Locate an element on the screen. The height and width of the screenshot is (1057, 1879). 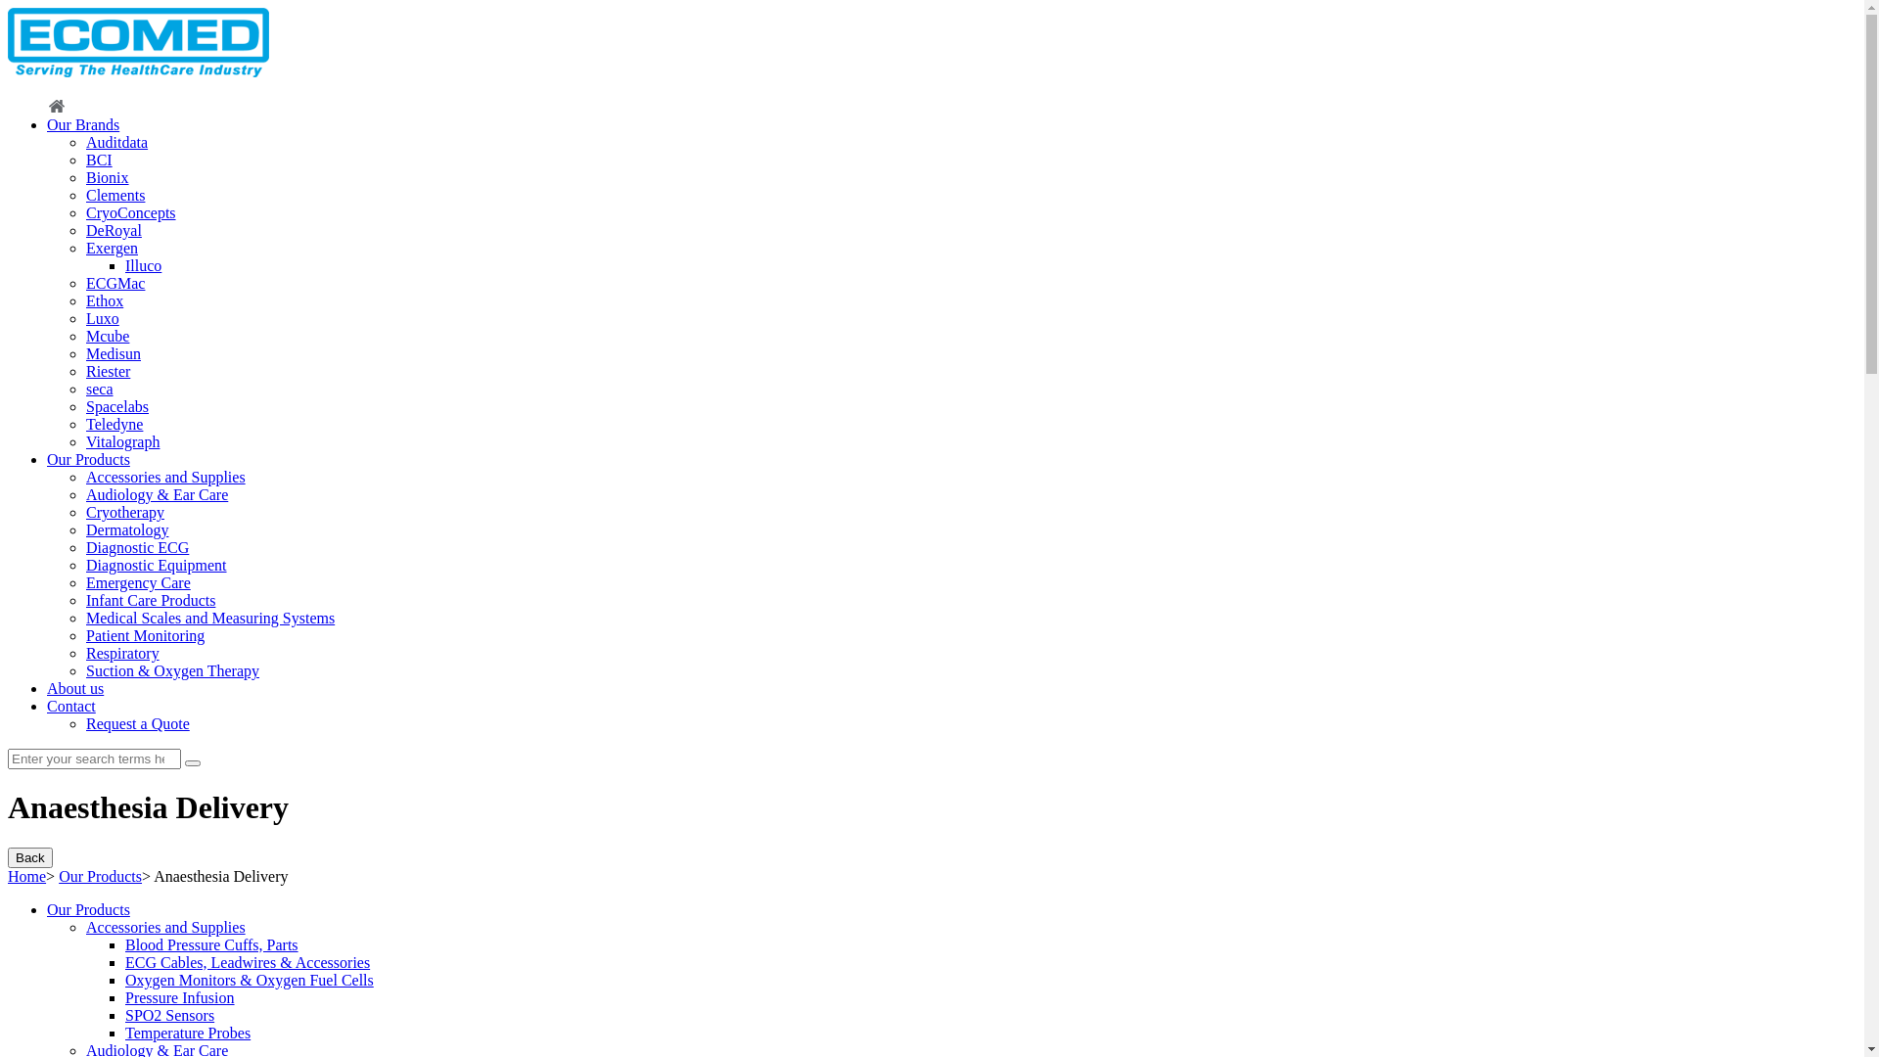
'Mcube' is located at coordinates (107, 335).